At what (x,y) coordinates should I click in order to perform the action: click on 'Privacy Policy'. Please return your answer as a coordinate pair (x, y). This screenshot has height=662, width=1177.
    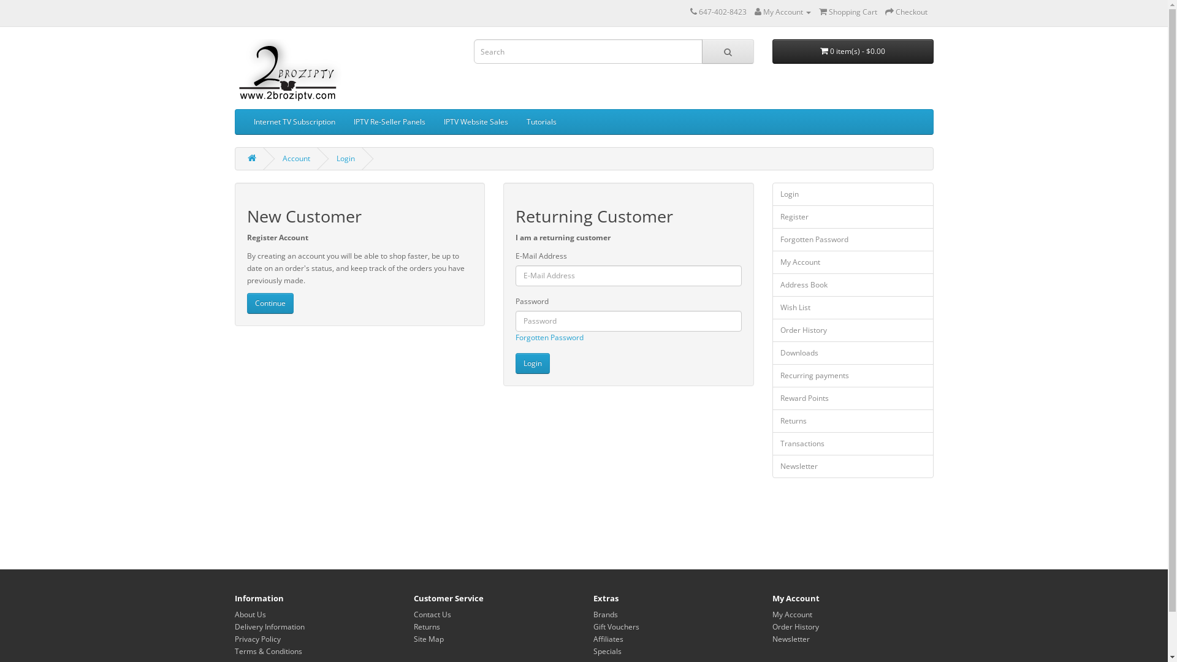
    Looking at the image, I should click on (256, 638).